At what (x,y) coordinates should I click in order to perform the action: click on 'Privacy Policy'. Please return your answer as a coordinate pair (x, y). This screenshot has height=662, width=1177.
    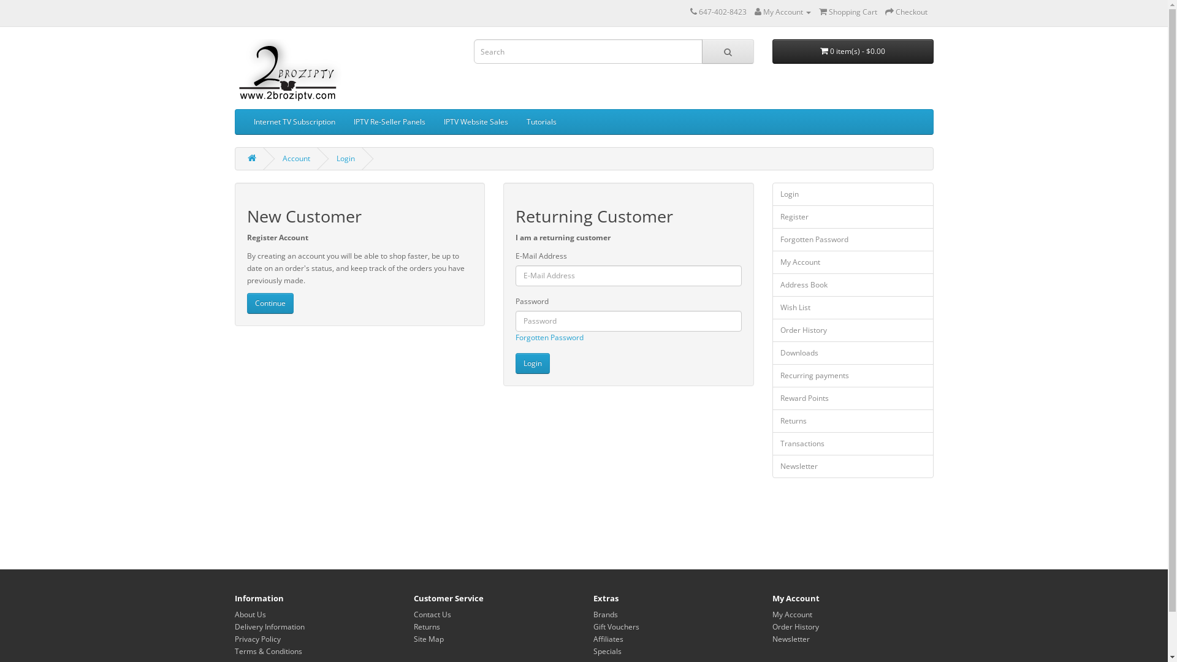
    Looking at the image, I should click on (256, 638).